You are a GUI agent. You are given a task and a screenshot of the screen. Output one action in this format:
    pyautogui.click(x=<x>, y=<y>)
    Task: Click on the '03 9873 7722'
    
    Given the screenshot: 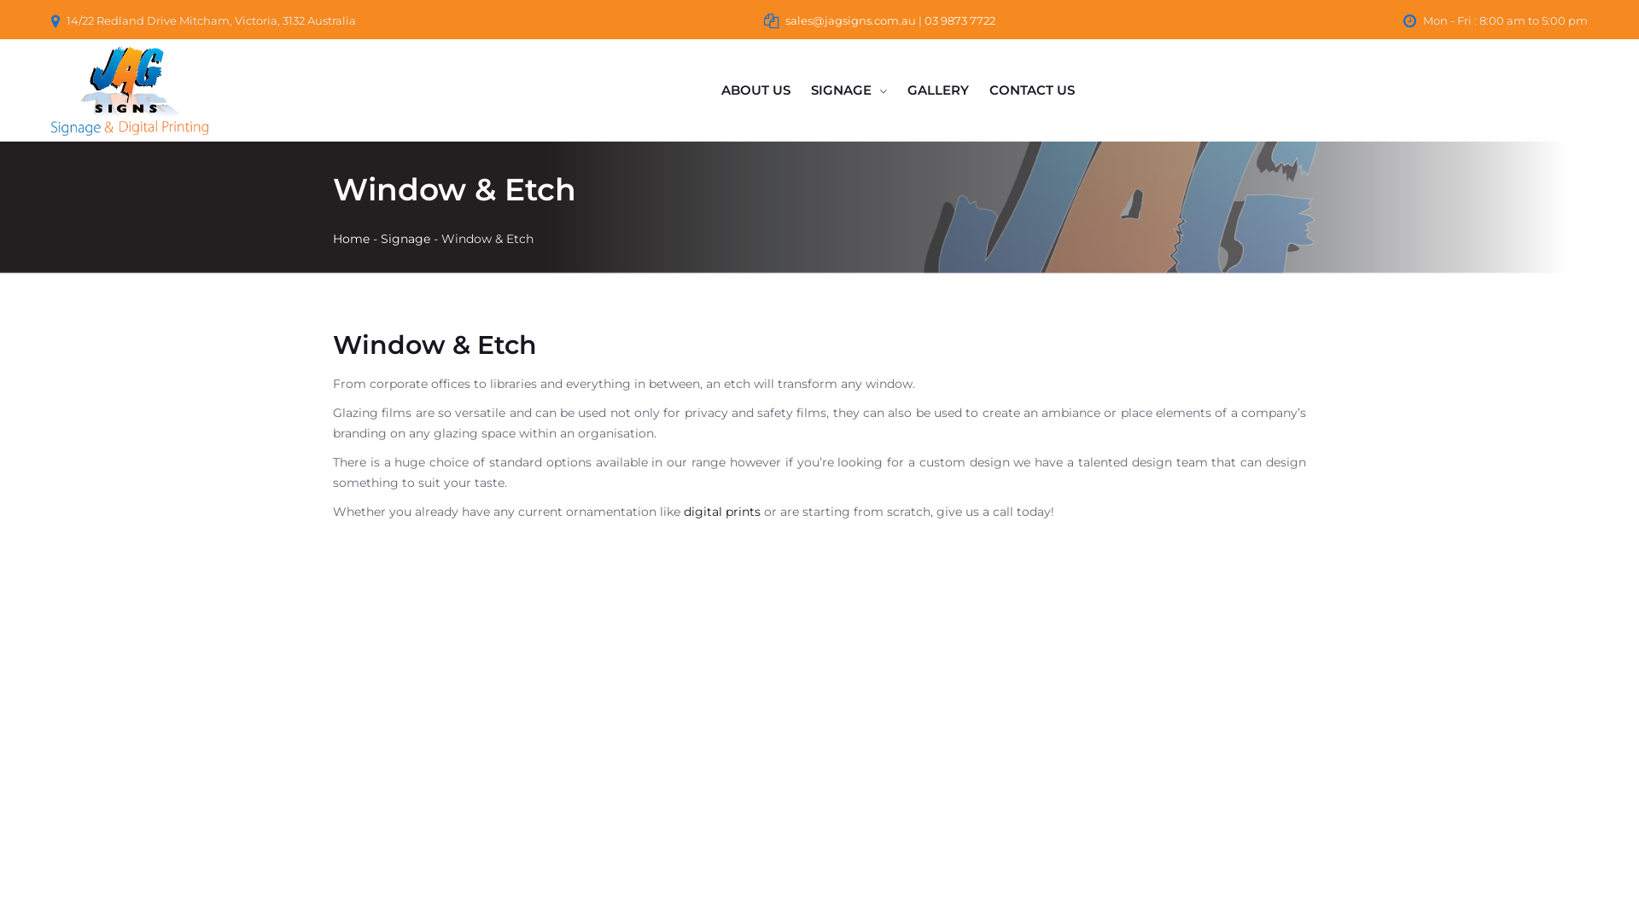 What is the action you would take?
    pyautogui.click(x=959, y=20)
    